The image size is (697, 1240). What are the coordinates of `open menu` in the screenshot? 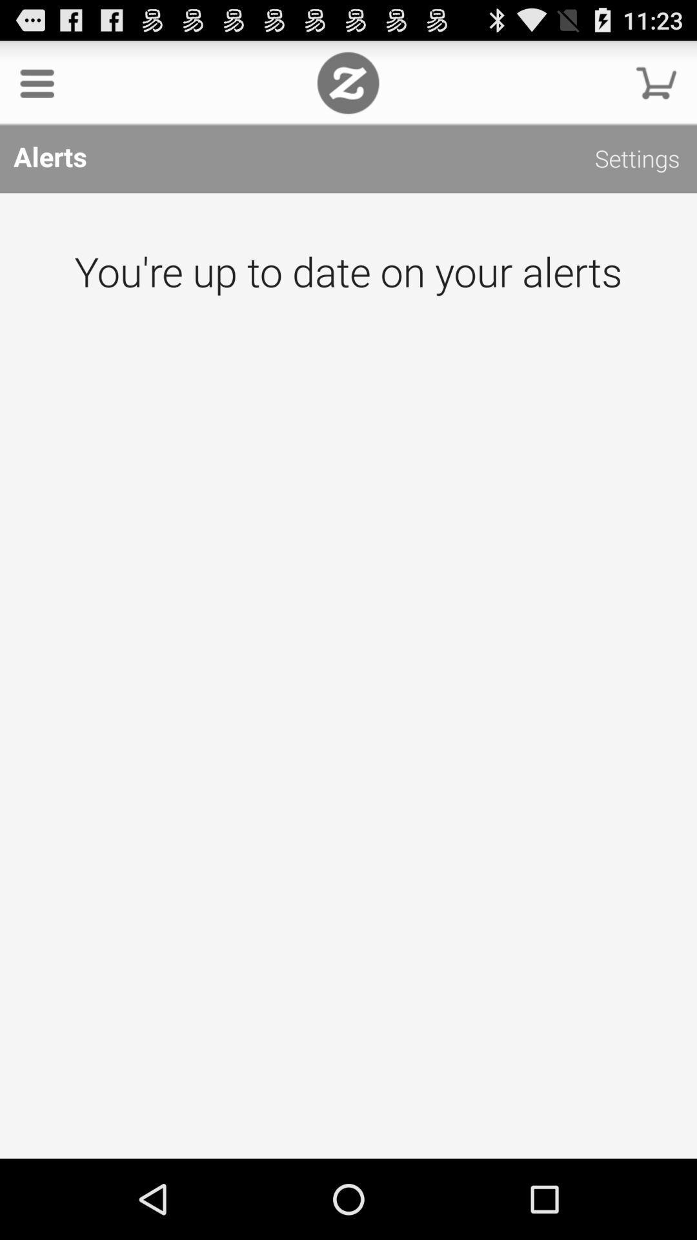 It's located at (36, 82).